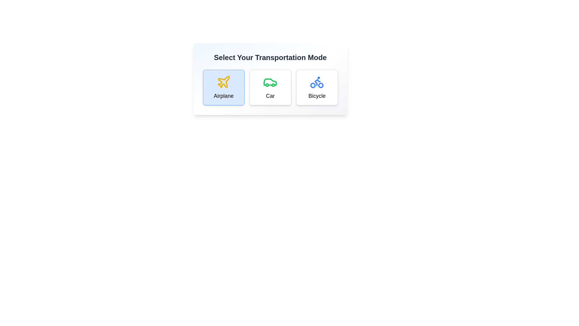  I want to click on the decorative circle element representing the rear wheel's hub in the Bicycle icon, so click(321, 85).